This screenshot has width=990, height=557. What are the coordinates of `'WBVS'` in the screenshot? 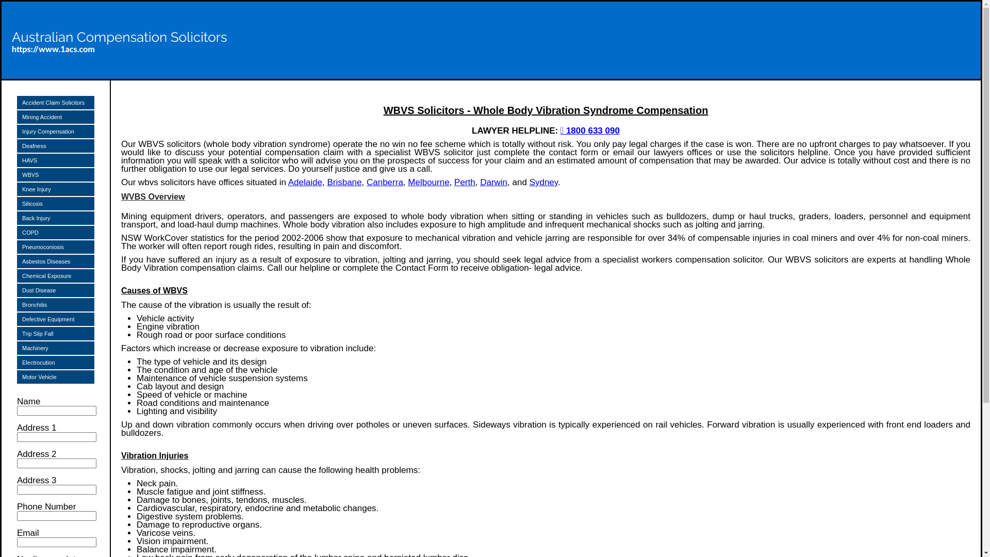 It's located at (55, 174).